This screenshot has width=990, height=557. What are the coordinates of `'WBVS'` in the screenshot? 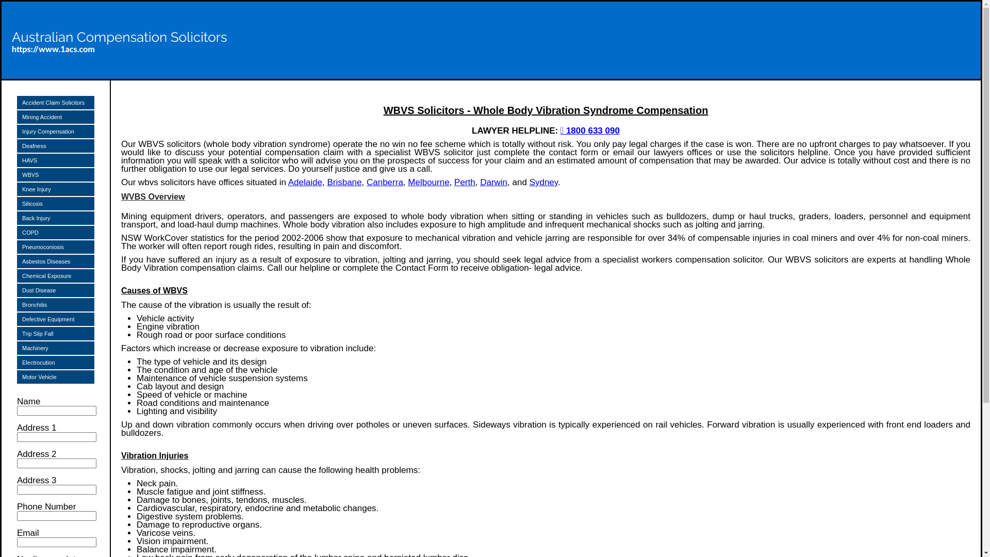 It's located at (55, 174).